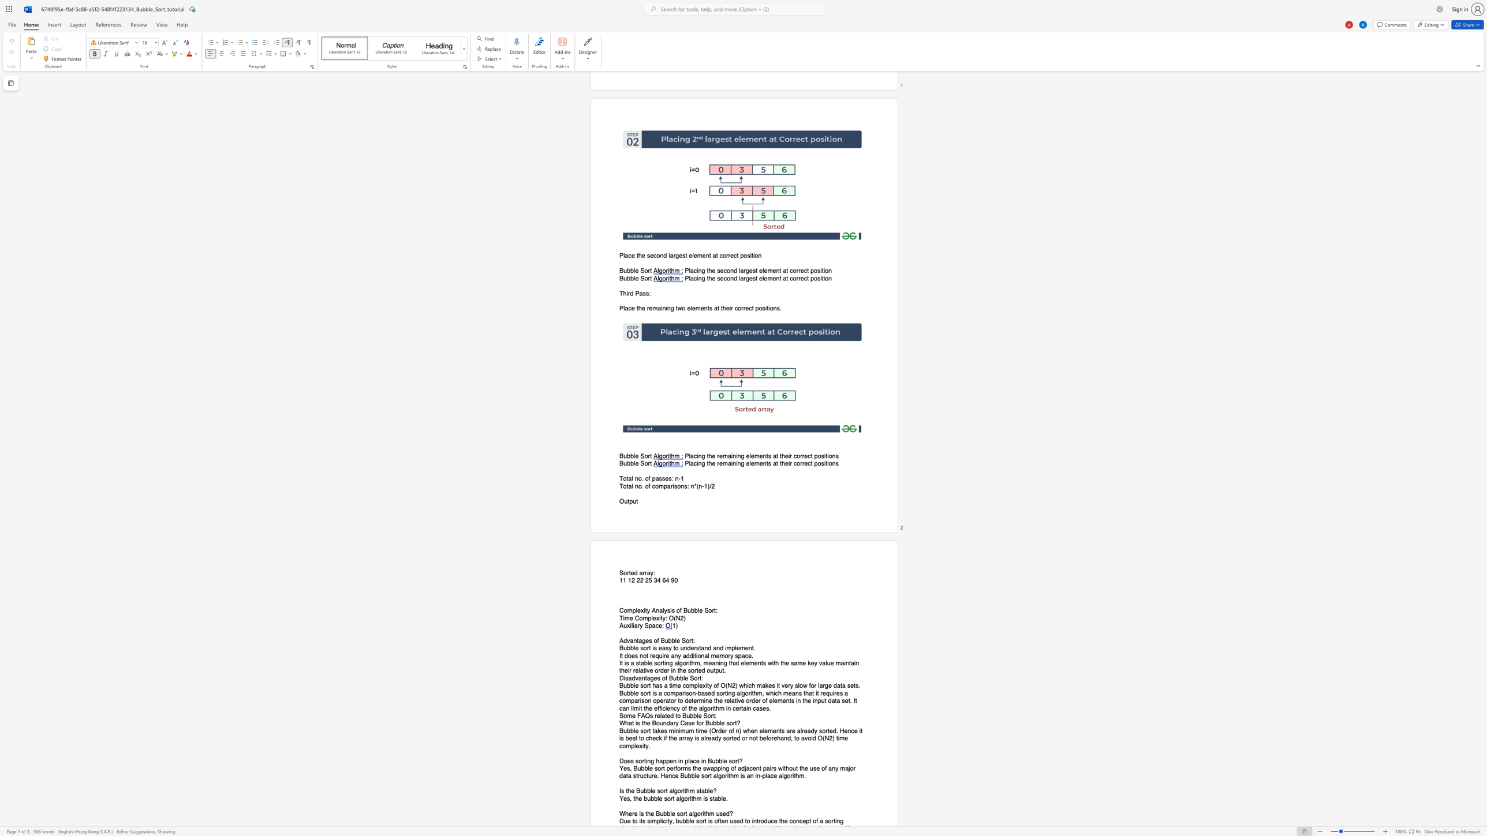 The width and height of the screenshot is (1487, 836). Describe the element at coordinates (626, 798) in the screenshot. I see `the subset text "s, the bubble sort algorithm is stable." within the text "Yes, the bubble sort algorithm is stable."` at that location.